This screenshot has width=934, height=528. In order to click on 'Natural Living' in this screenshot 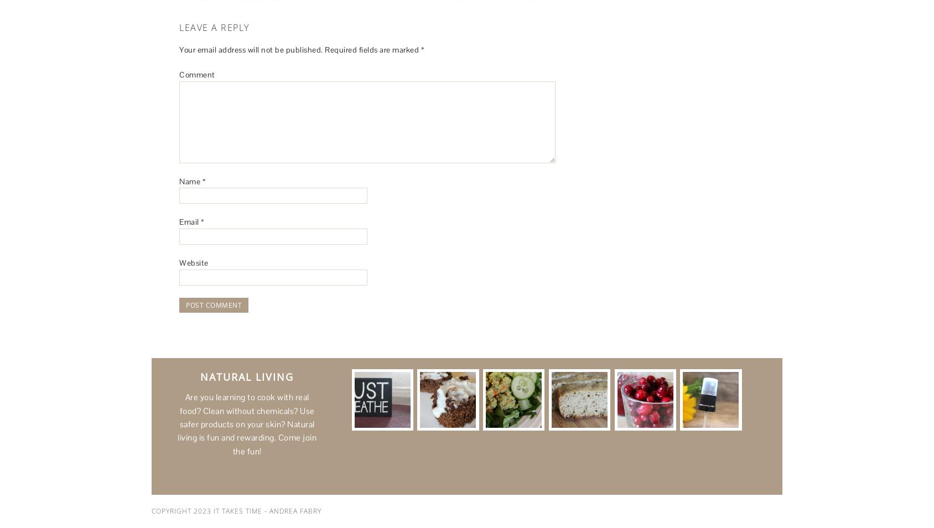, I will do `click(246, 376)`.